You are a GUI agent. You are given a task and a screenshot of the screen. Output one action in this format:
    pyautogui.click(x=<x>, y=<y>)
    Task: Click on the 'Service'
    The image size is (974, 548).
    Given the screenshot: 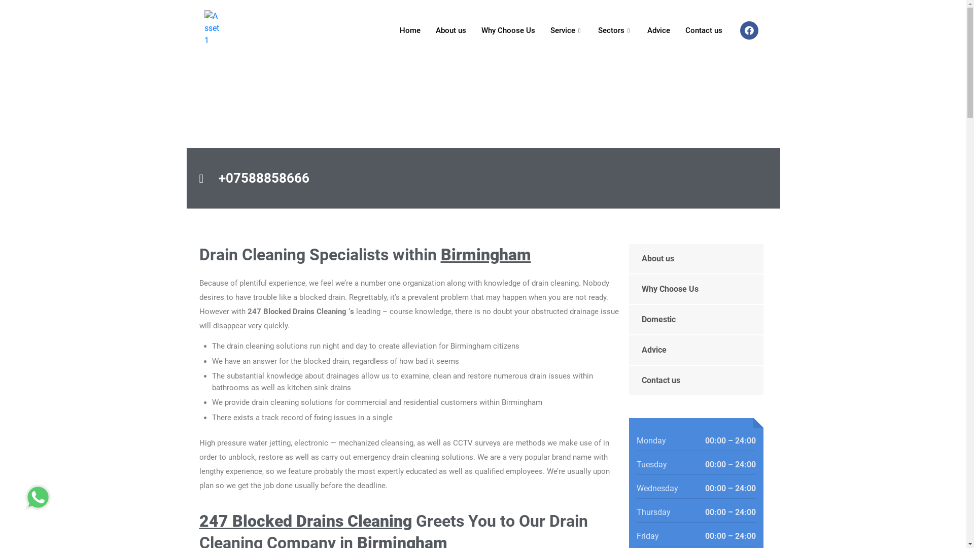 What is the action you would take?
    pyautogui.click(x=566, y=30)
    